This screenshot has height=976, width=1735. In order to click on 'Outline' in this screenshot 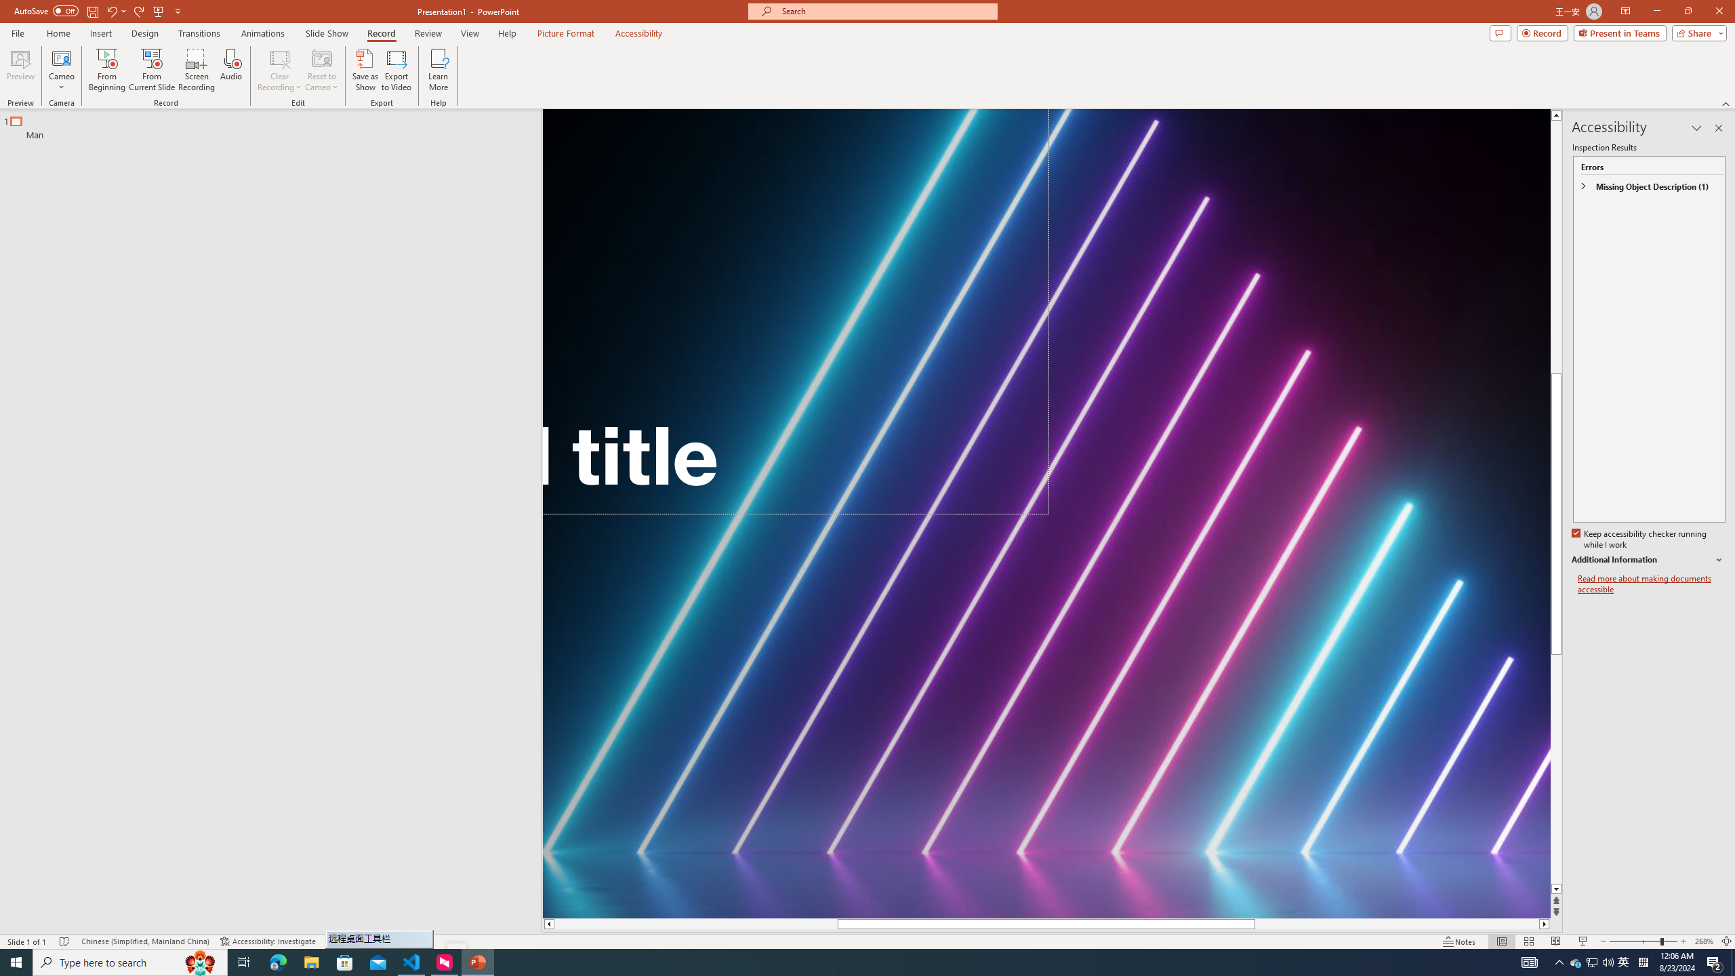, I will do `click(276, 124)`.